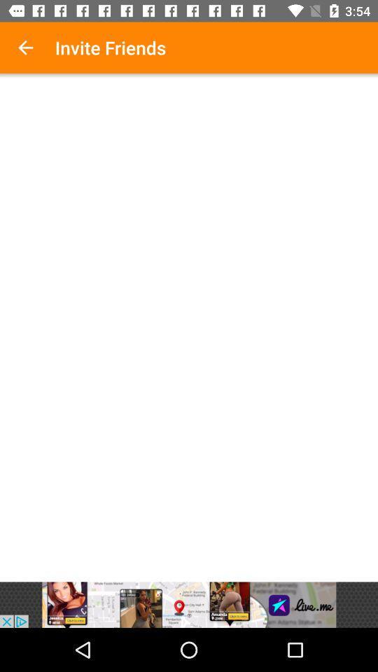 The height and width of the screenshot is (672, 378). Describe the element at coordinates (189, 604) in the screenshot. I see `advertisement banner` at that location.